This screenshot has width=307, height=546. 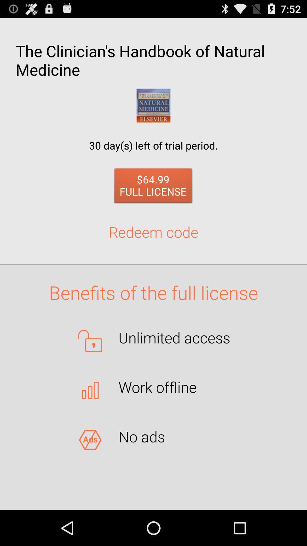 What do you see at coordinates (153, 232) in the screenshot?
I see `the button below the 64 99 full item` at bounding box center [153, 232].